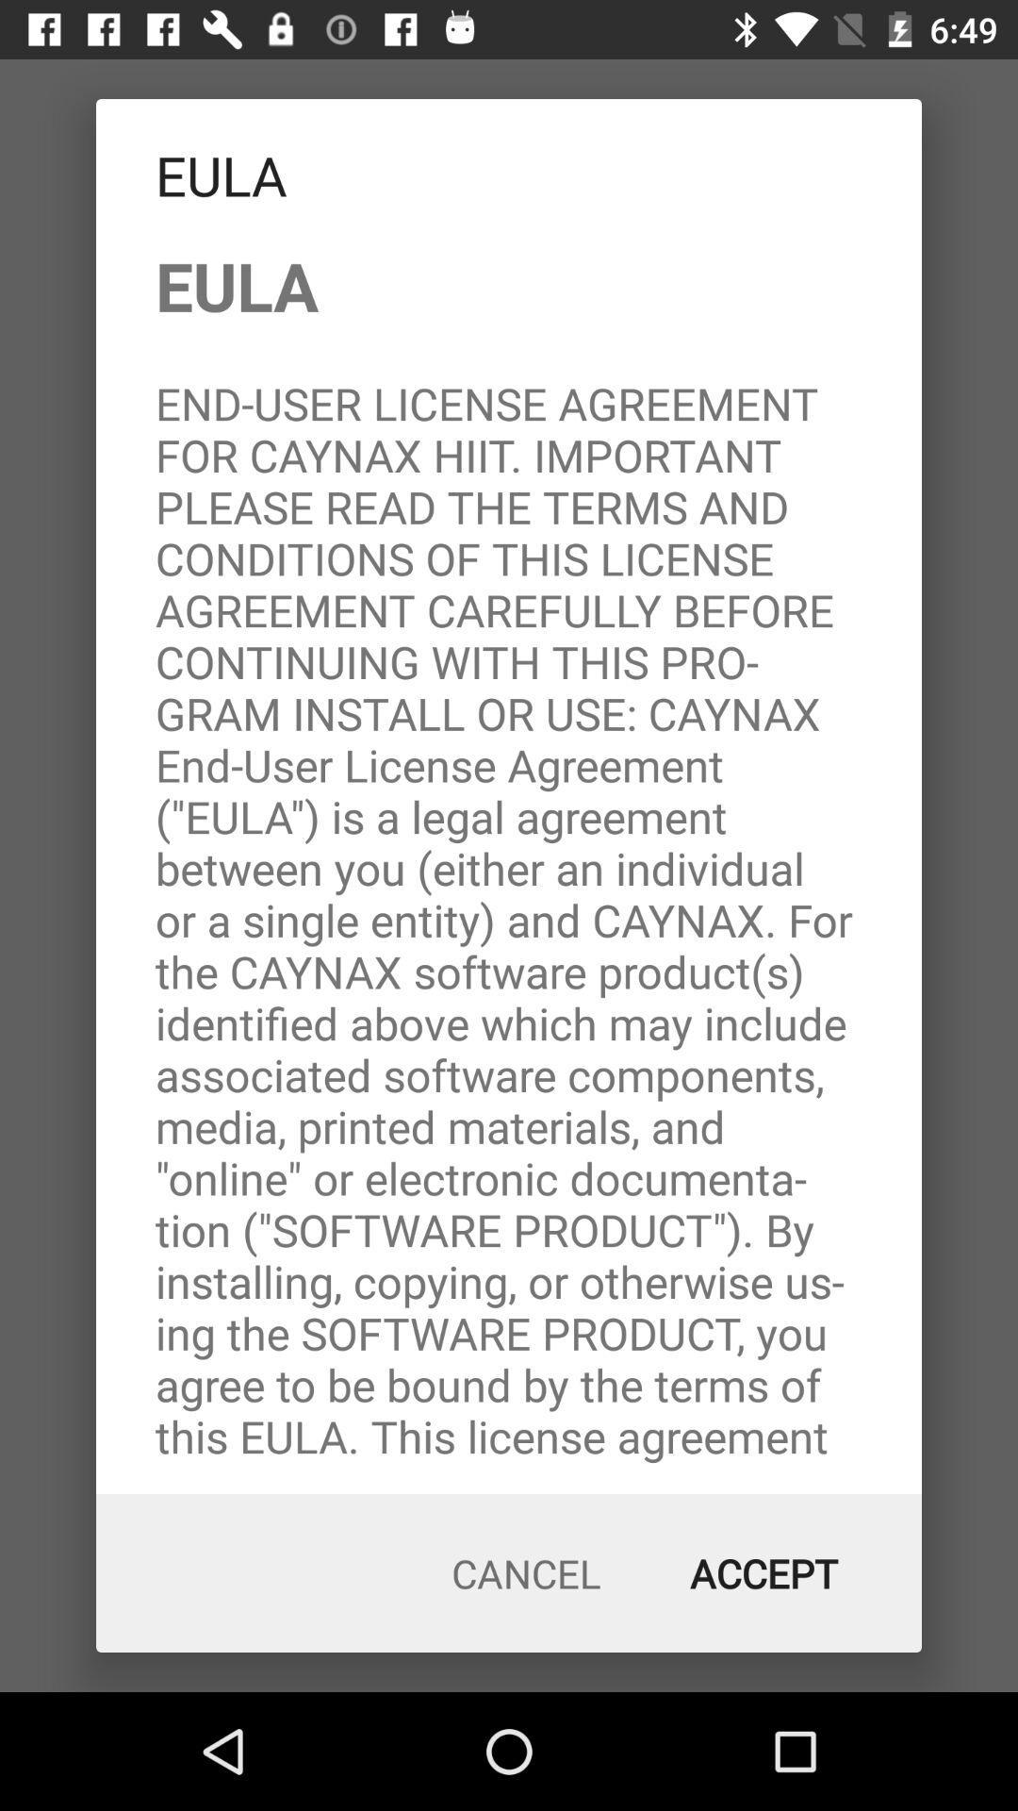  I want to click on the icon next to cancel item, so click(763, 1573).